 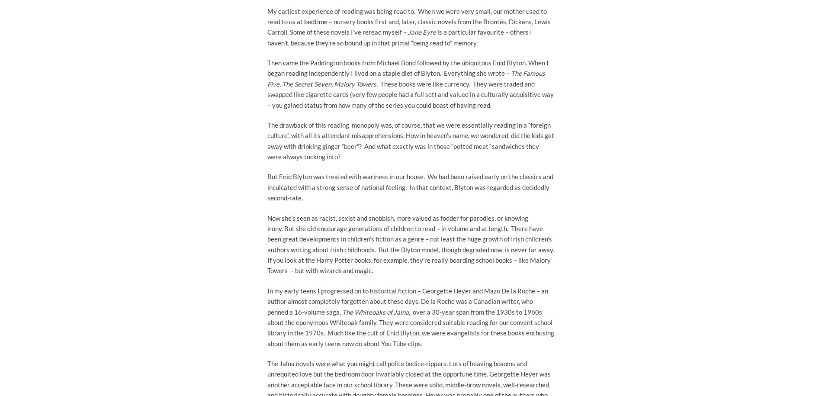 What do you see at coordinates (410, 244) in the screenshot?
I see `'Now she’s seen as racist, sexist and snobbish, more valued as fodder for parodies, or knowing irony. But she did encourage generations of children to read – in volume and at length.  There have been great developments in children’s fiction as a genre – not least the huge growth of Irish children’s authors writing about Irish childhoods.  But the Blyton model, though degraded now, is never far away. If you look at the Harry Potter books, for example, they’re really boarding school books – like Malory Towers  – but with wizards and magic.'` at bounding box center [410, 244].